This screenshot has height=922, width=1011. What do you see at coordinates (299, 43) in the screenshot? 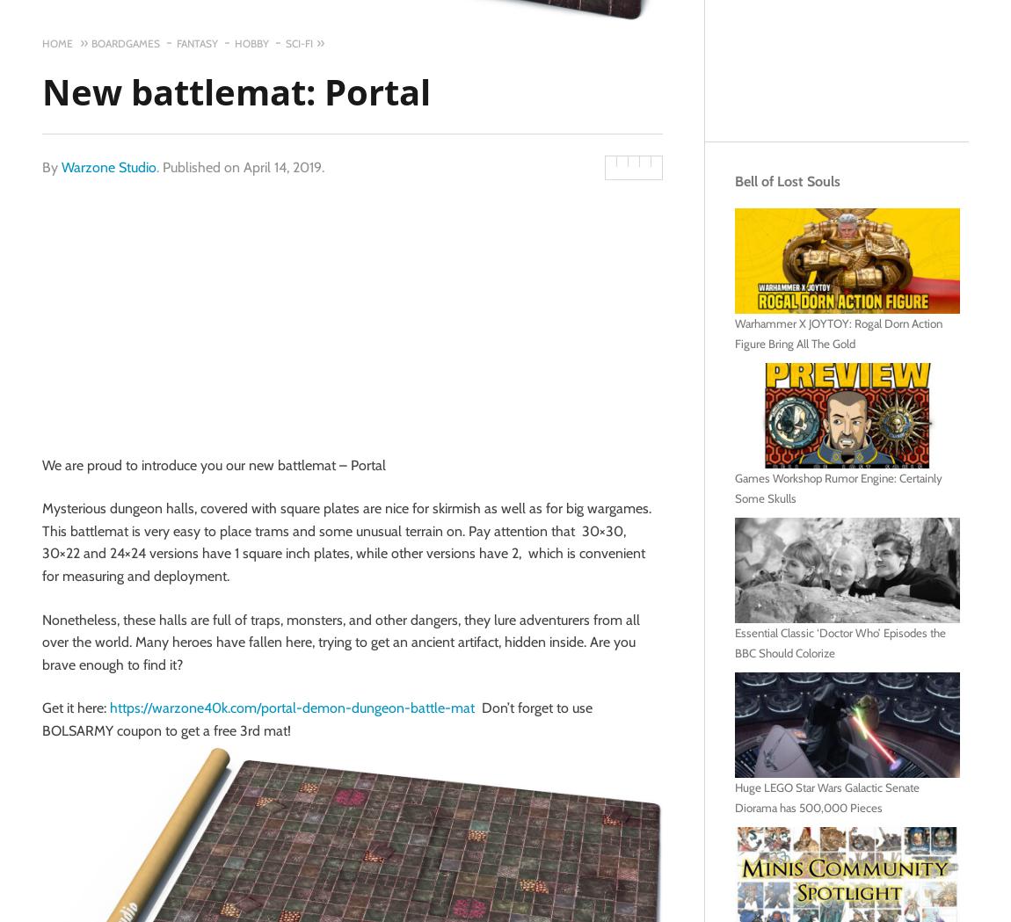
I see `'Sci-fi'` at bounding box center [299, 43].